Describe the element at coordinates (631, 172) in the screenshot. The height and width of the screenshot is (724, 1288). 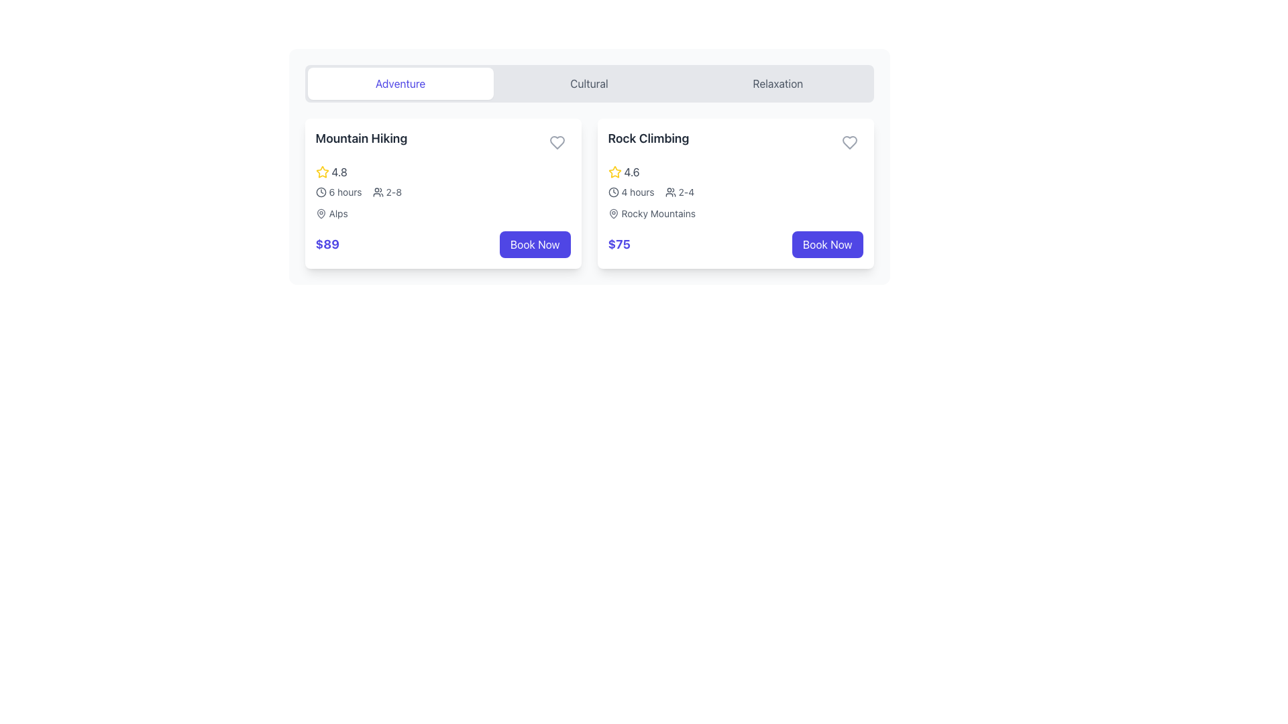
I see `value displayed by the text element showing '4.6' in light gray, located next to a yellow star icon above the activity details for 'Rock Climbing'` at that location.